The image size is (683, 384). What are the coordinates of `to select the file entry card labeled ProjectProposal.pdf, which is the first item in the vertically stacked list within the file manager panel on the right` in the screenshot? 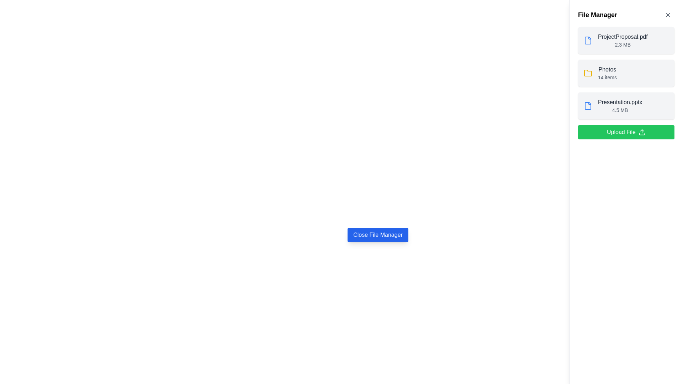 It's located at (626, 41).